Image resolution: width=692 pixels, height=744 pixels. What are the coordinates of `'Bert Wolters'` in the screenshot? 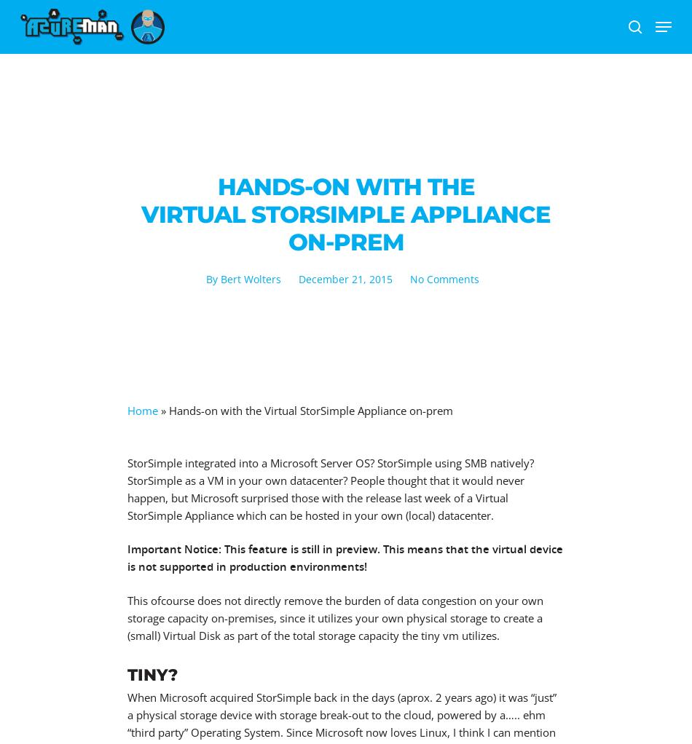 It's located at (249, 278).